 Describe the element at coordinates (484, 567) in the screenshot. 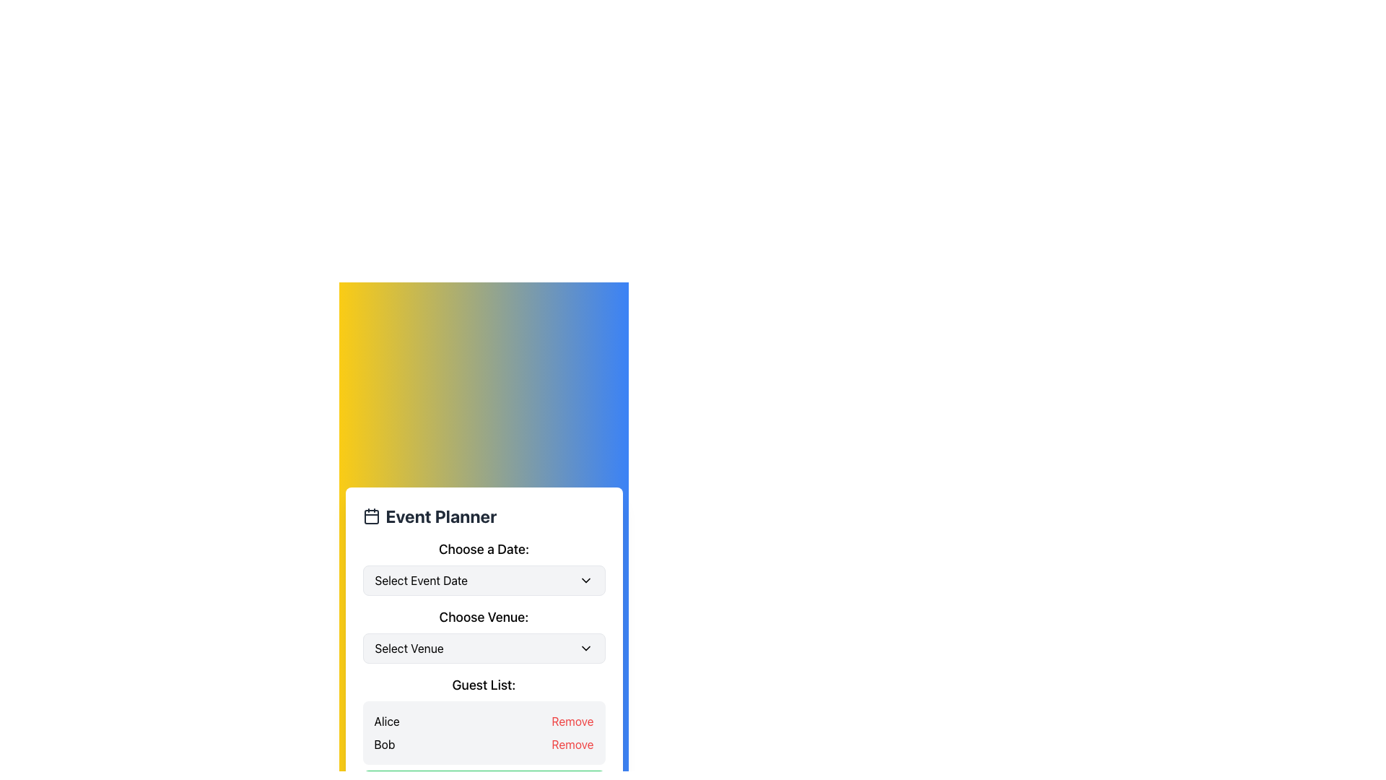

I see `the first dropdown menu under the 'Choose a Date:' section in the 'Event Planner' interface` at that location.